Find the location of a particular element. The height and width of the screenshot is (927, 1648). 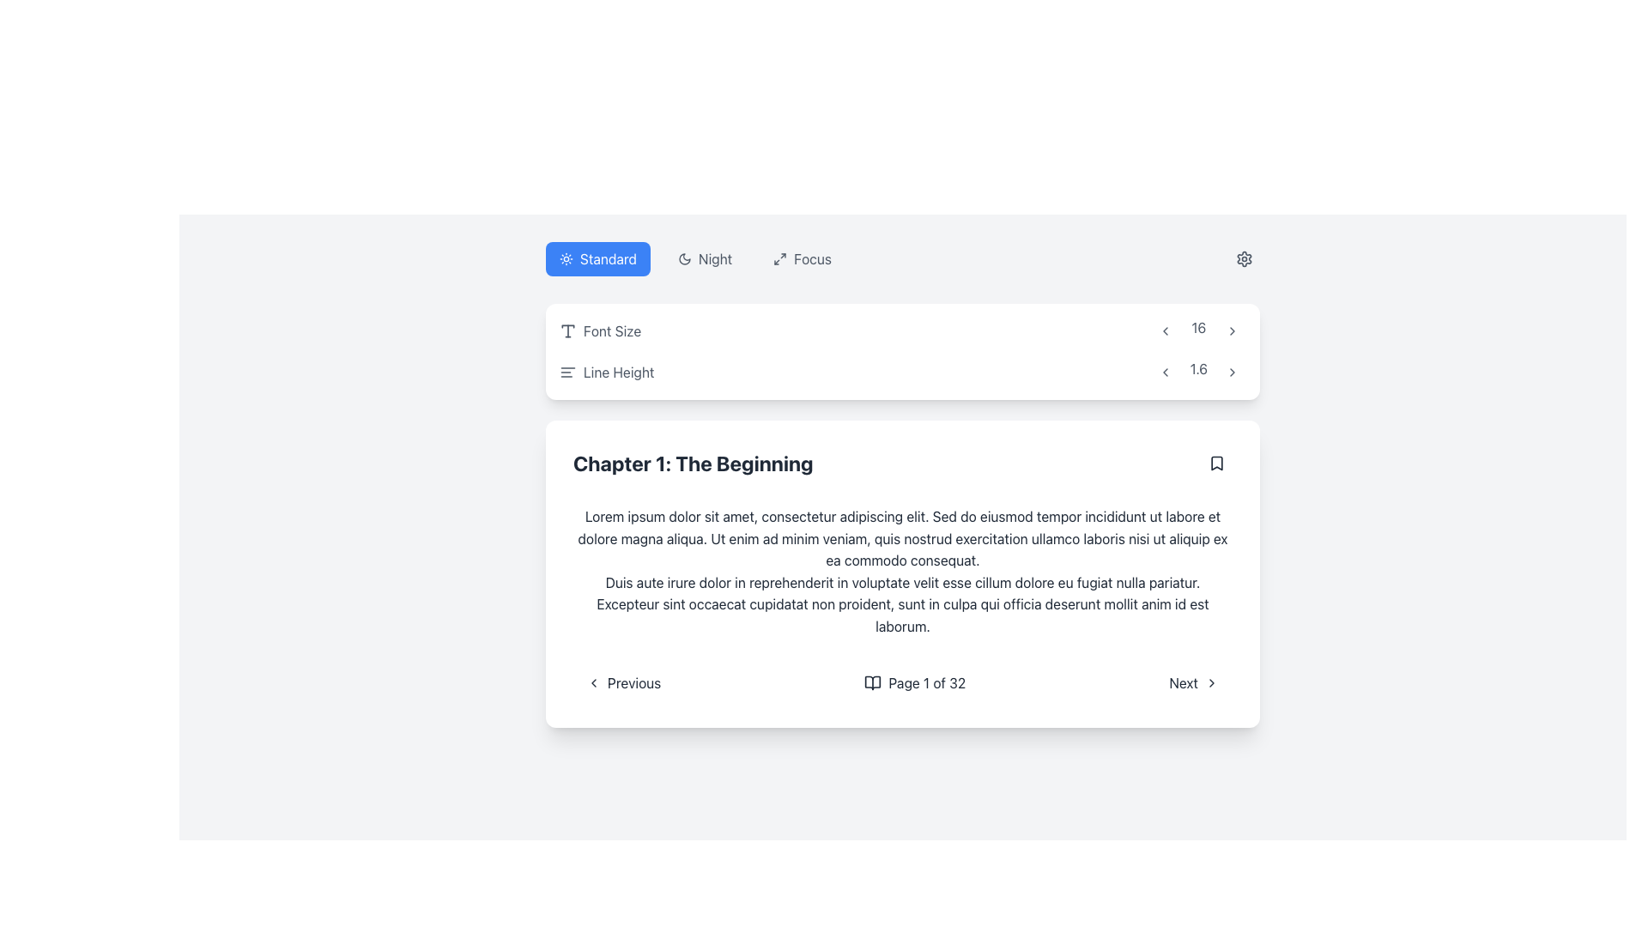

the gear-shaped icon located at the top-right corner of the interface is located at coordinates (1244, 258).